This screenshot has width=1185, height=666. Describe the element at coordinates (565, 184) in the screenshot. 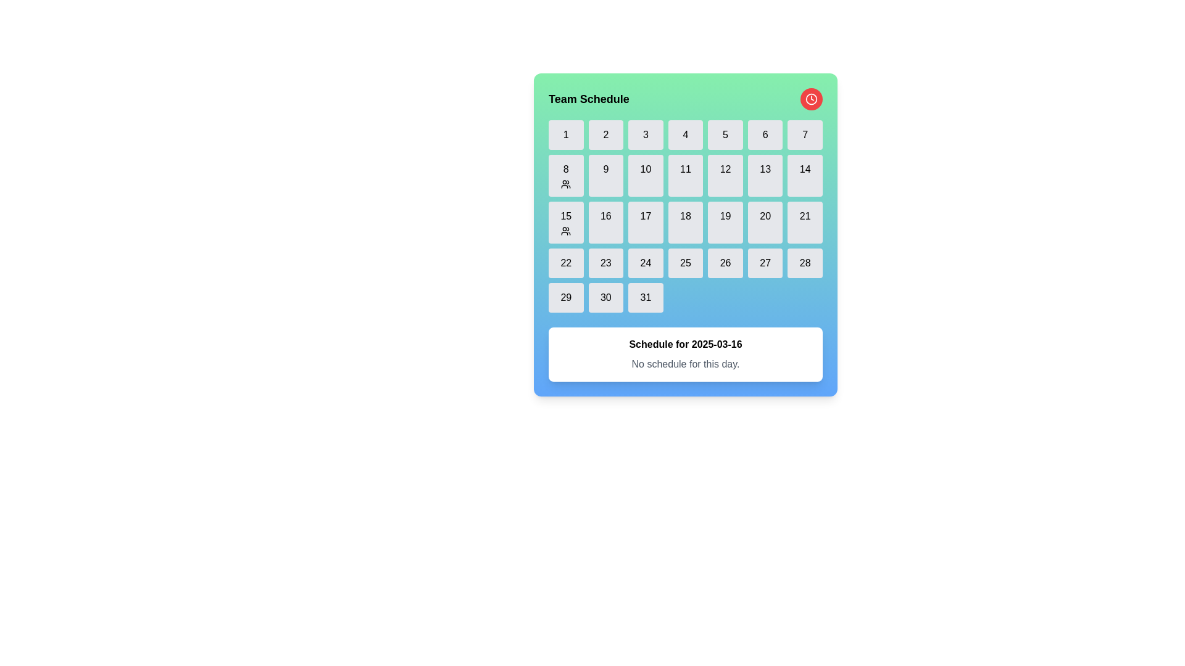

I see `the small icon resembling a stylized group of individuals located within the calendar block labeled '8'` at that location.